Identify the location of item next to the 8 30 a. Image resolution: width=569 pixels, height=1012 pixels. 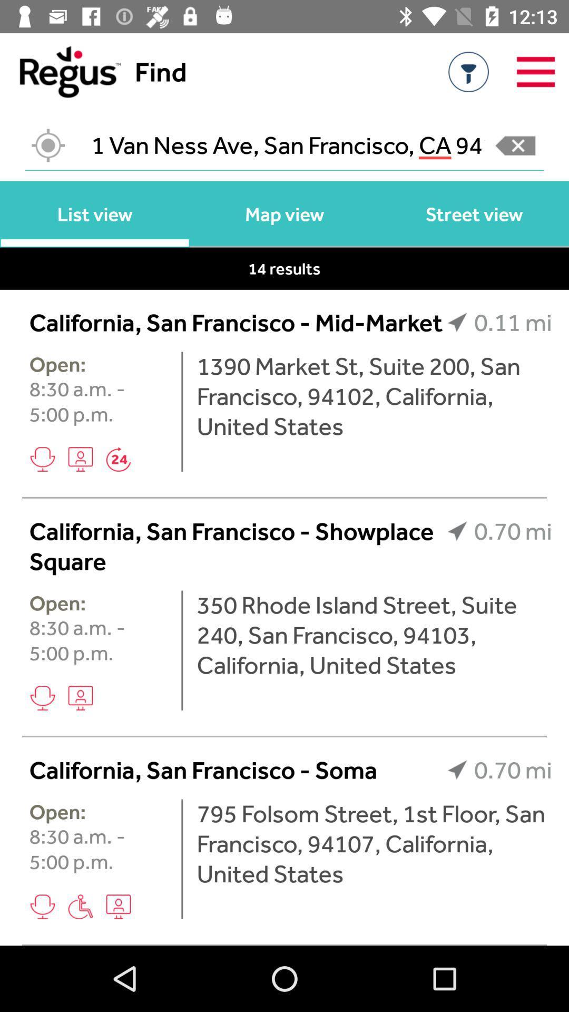
(181, 650).